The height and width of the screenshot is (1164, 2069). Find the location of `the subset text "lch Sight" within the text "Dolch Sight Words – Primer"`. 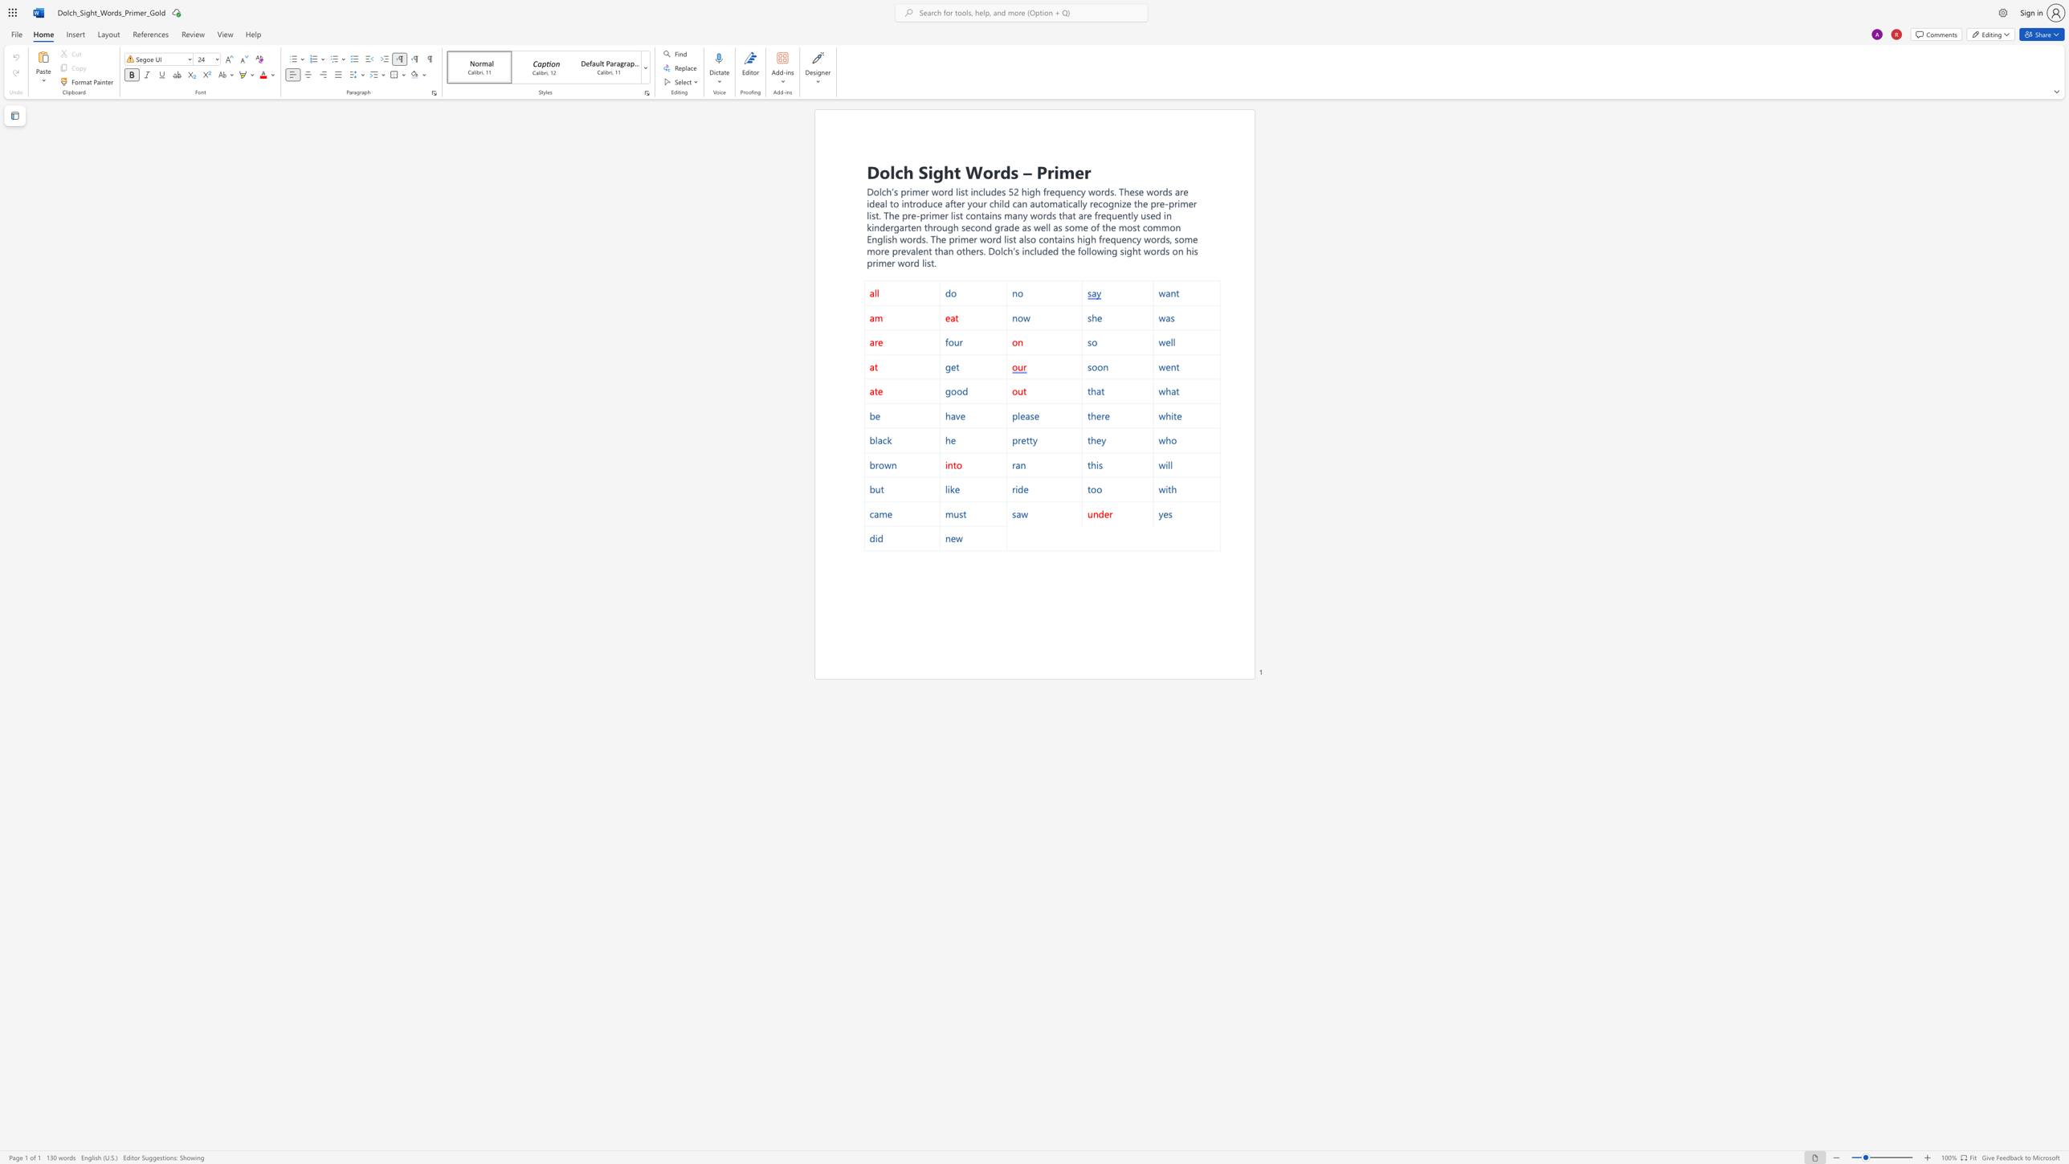

the subset text "lch Sight" within the text "Dolch Sight Words – Primer" is located at coordinates (889, 171).